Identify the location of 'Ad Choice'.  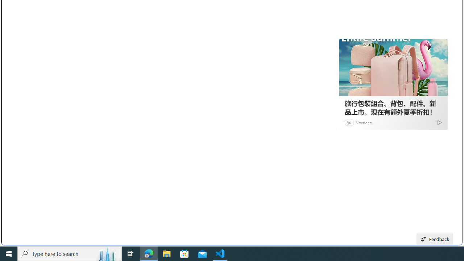
(439, 122).